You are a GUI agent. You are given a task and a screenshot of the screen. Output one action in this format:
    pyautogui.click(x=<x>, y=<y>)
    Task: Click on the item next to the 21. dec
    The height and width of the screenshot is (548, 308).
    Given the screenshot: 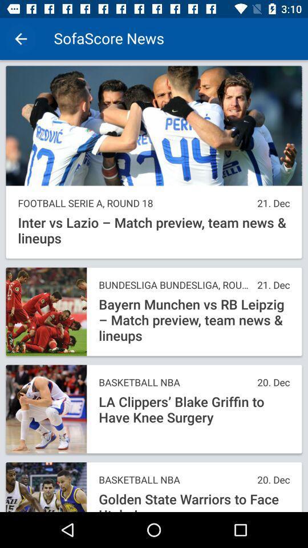 What is the action you would take?
    pyautogui.click(x=134, y=203)
    